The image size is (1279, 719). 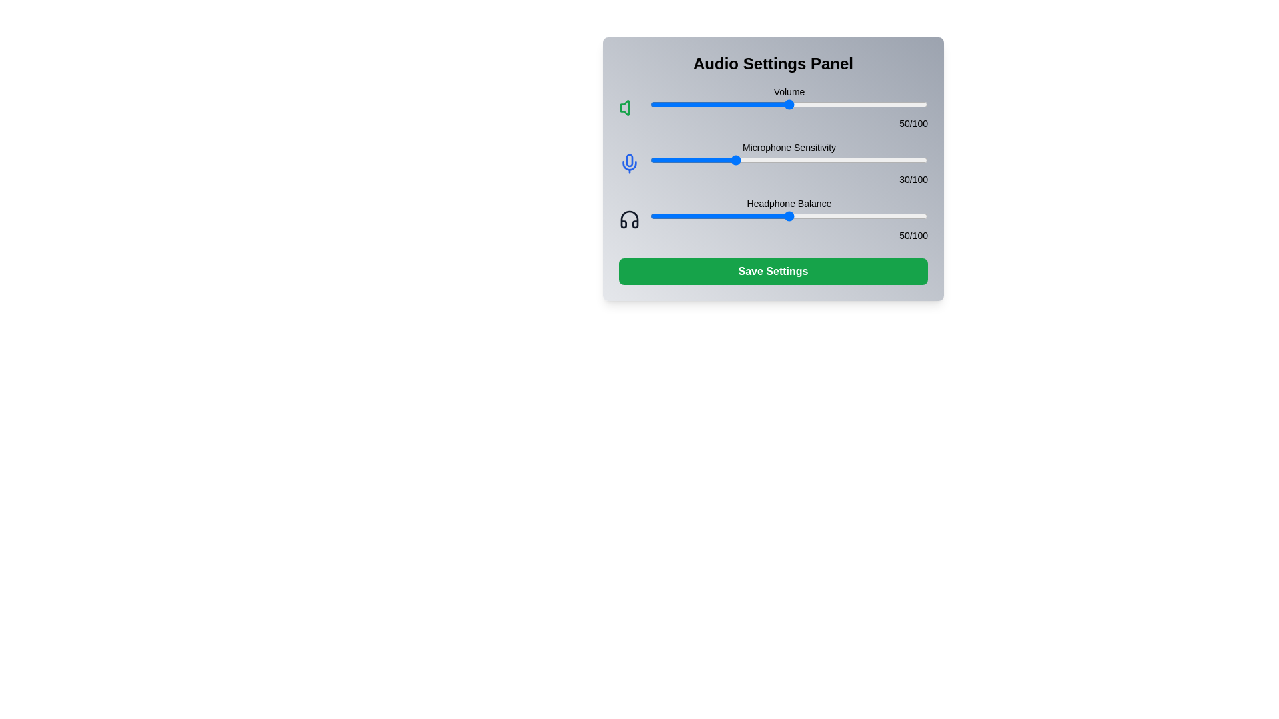 I want to click on the save button located at the bottom of the Audio Settings Panel, so click(x=773, y=271).